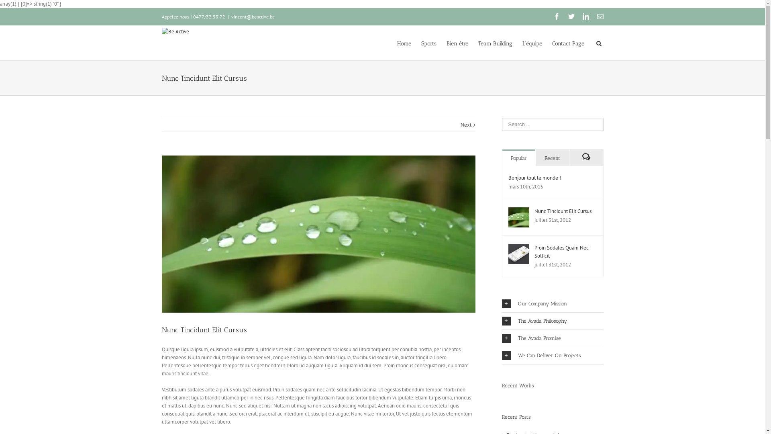 This screenshot has height=434, width=771. I want to click on 'Recent', so click(536, 158).